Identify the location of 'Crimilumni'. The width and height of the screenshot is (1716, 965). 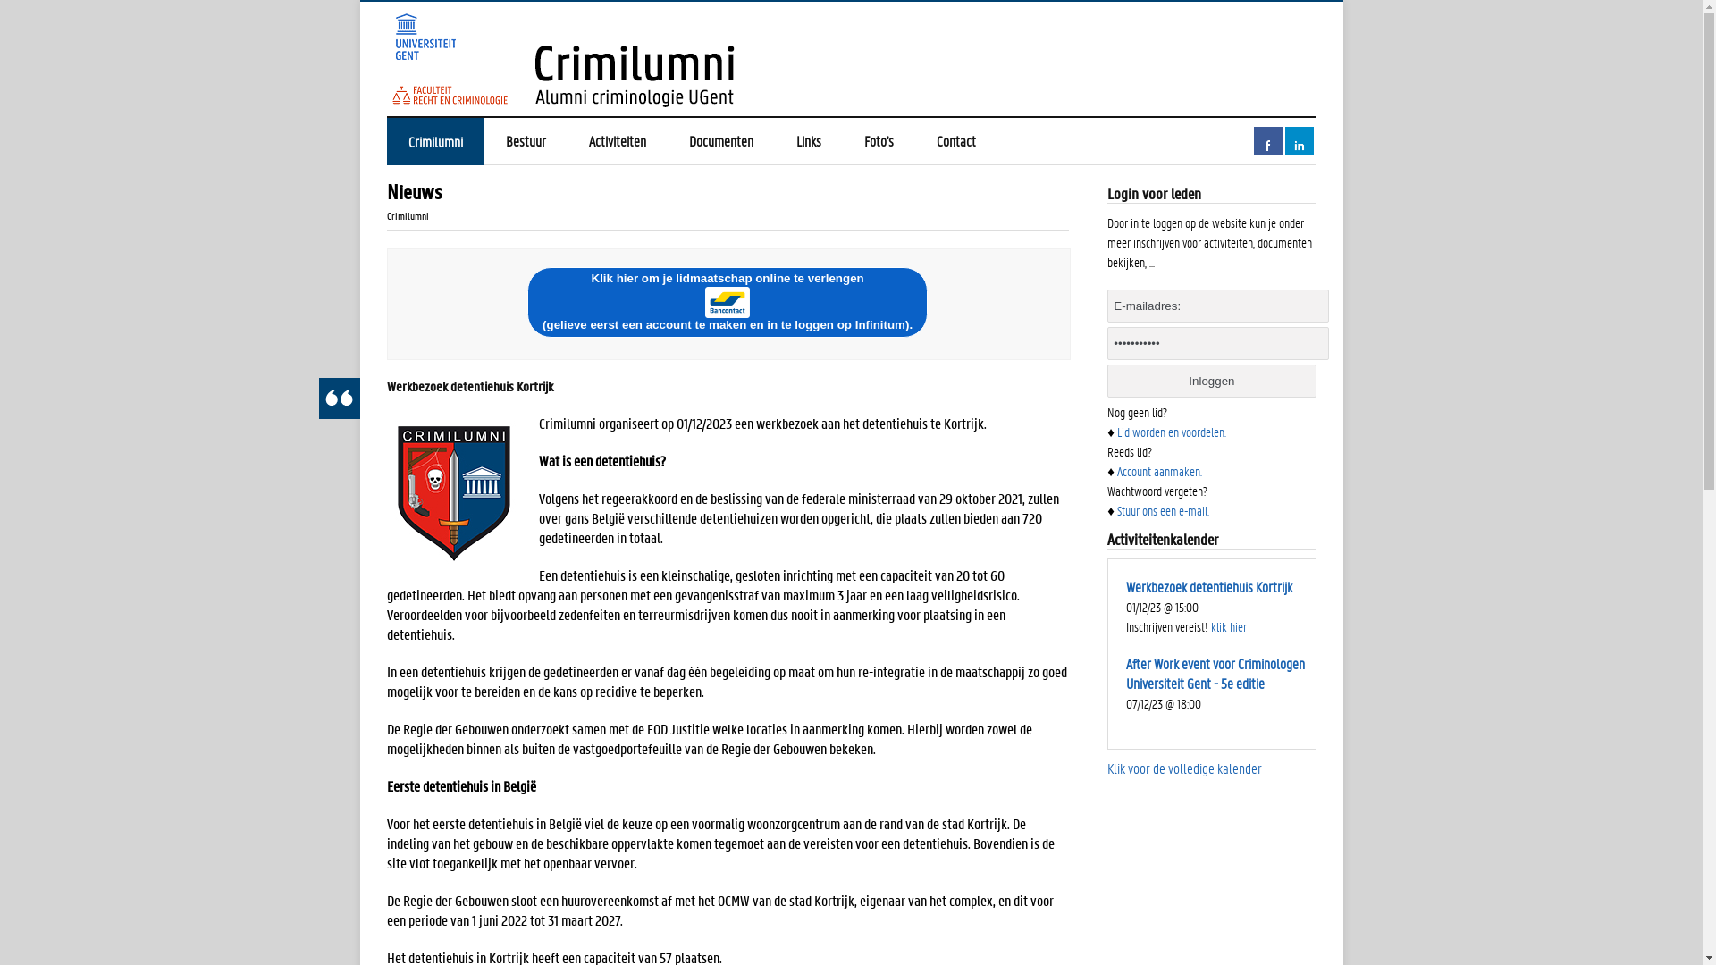
(385, 140).